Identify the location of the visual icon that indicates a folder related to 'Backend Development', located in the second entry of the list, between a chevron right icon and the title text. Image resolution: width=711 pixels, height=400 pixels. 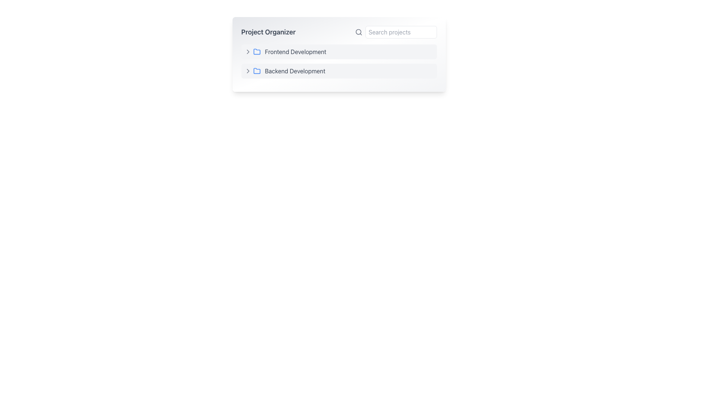
(257, 71).